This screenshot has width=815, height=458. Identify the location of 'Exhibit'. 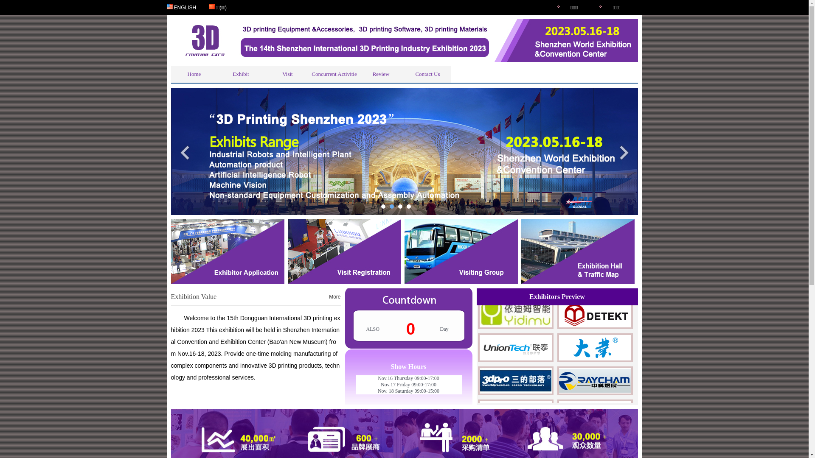
(217, 73).